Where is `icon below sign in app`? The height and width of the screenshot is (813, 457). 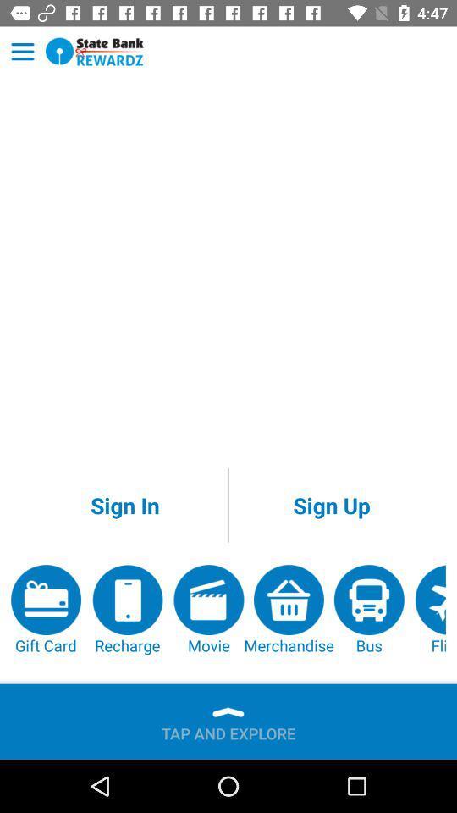
icon below sign in app is located at coordinates (208, 610).